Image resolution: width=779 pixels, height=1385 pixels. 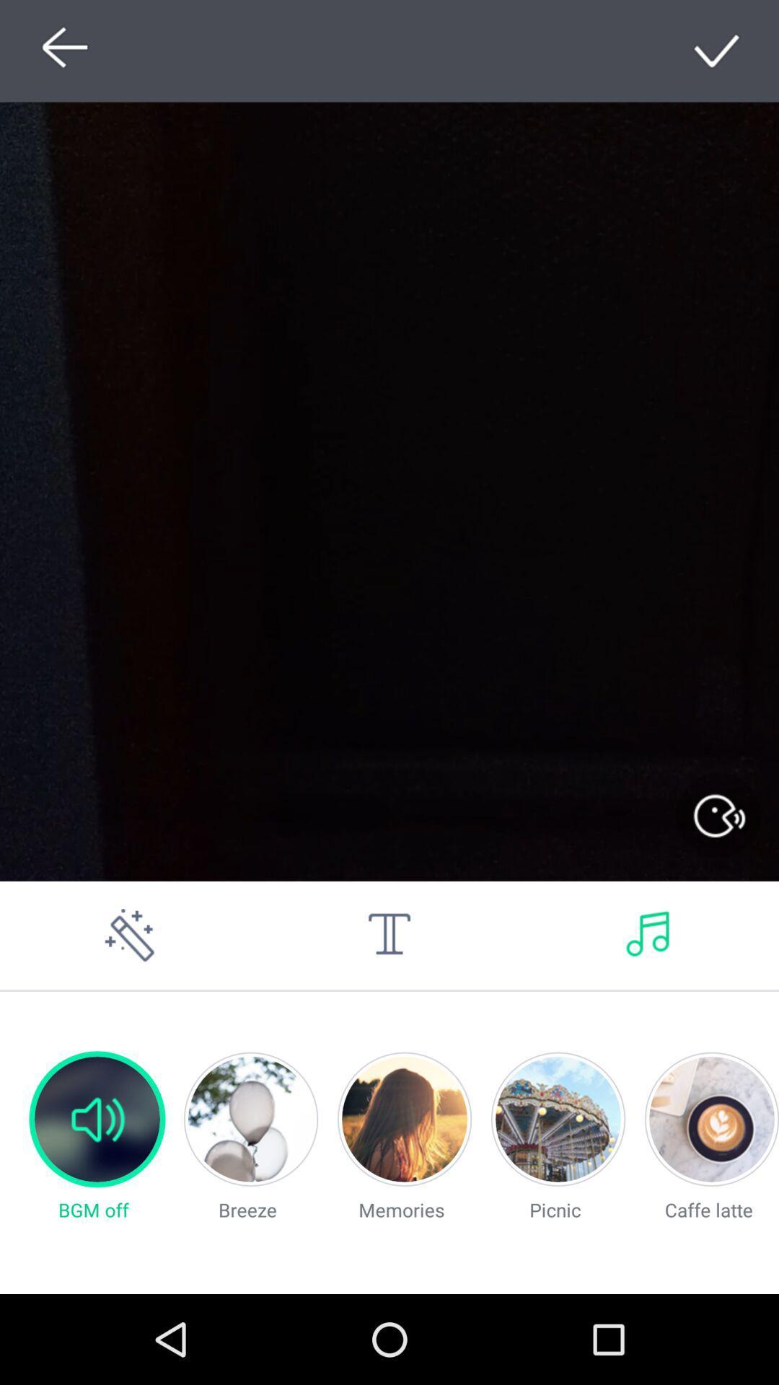 What do you see at coordinates (389, 935) in the screenshot?
I see `write text` at bounding box center [389, 935].